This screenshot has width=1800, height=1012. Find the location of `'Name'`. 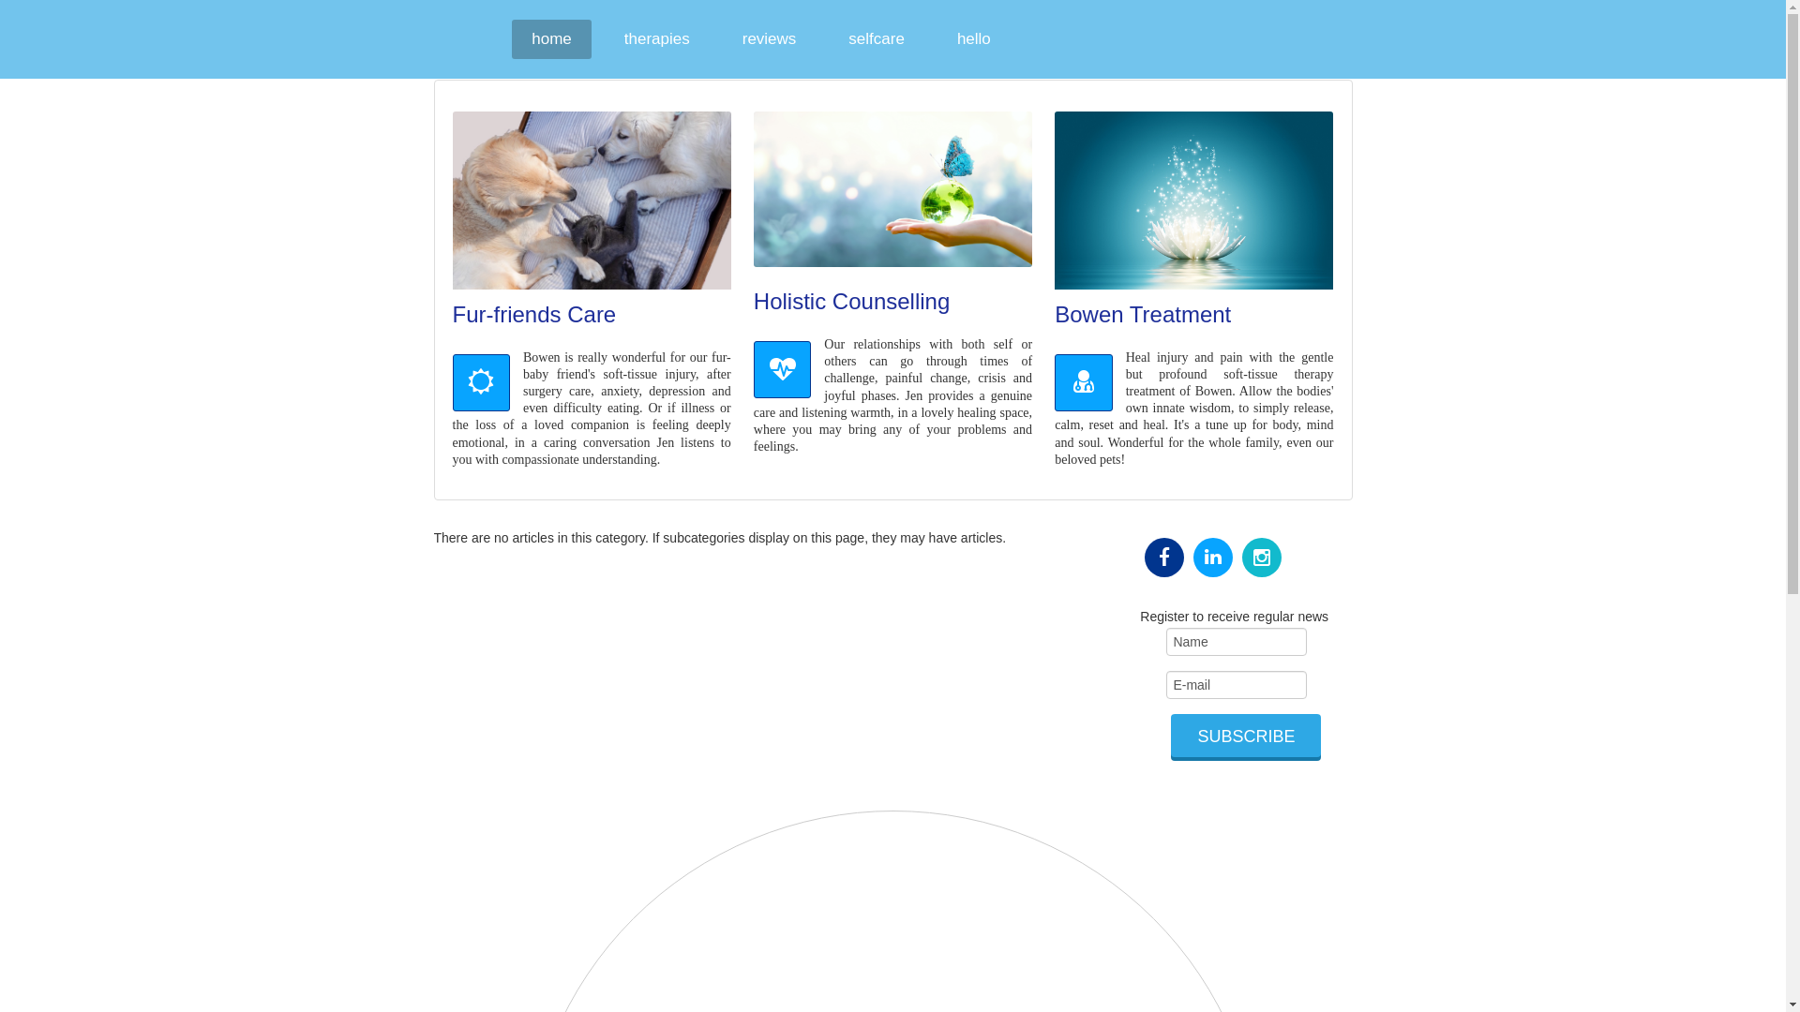

'Name' is located at coordinates (1237, 641).